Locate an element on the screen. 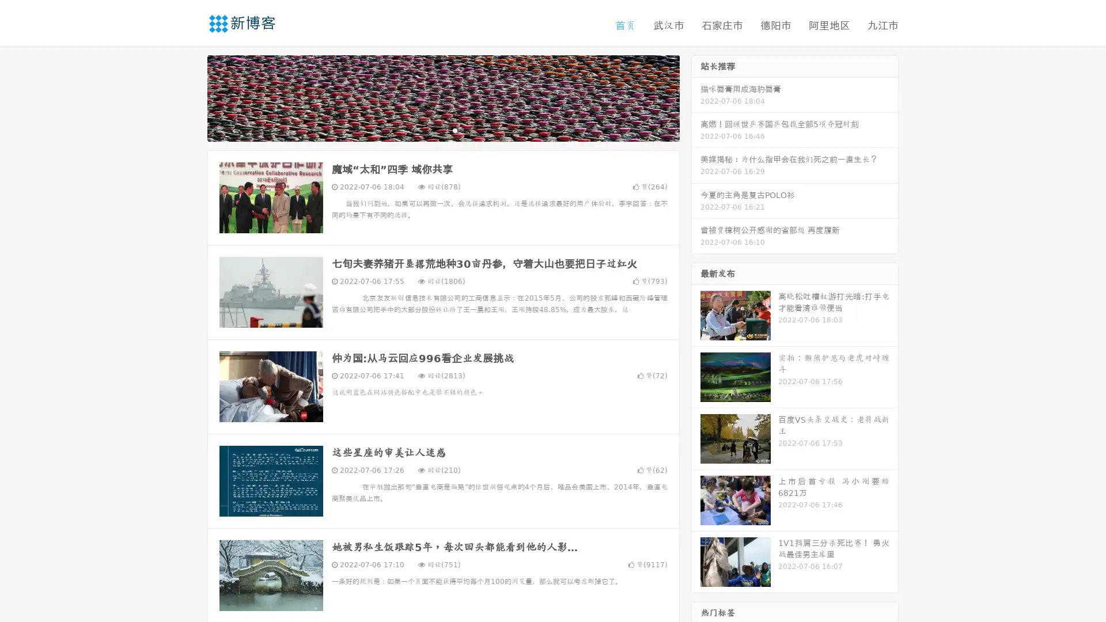 Image resolution: width=1106 pixels, height=622 pixels. Go to slide 3 is located at coordinates (454, 130).